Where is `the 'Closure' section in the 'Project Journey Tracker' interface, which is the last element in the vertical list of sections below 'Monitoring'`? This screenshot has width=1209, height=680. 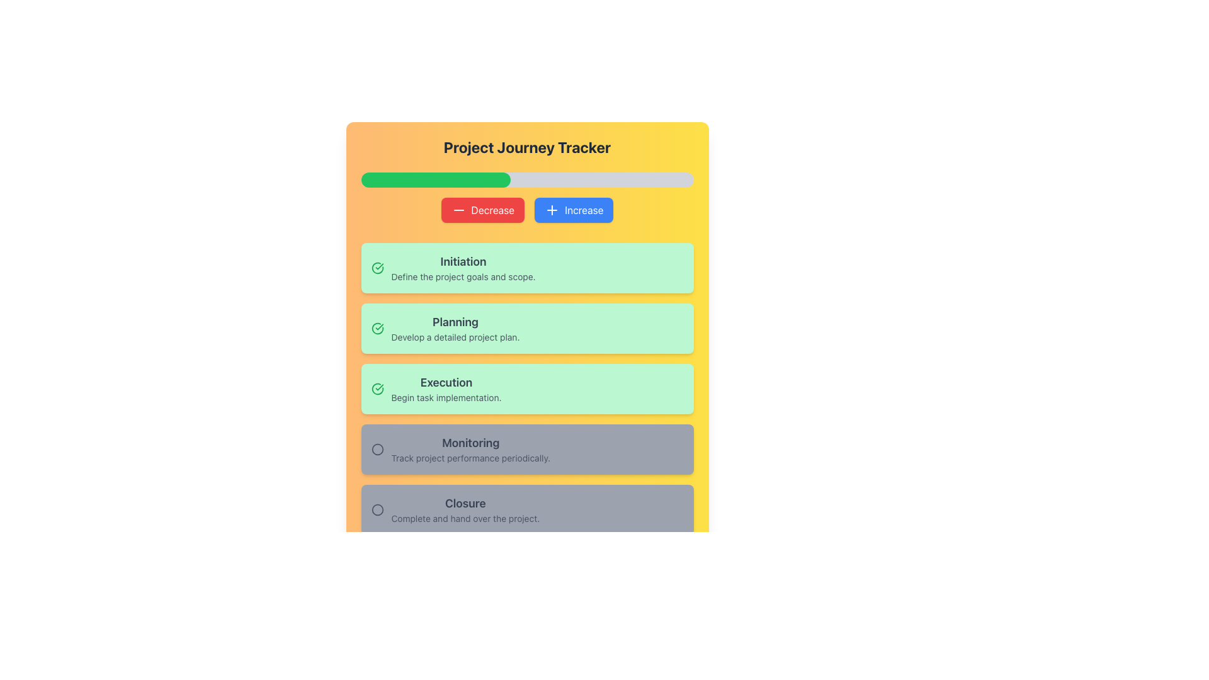
the 'Closure' section in the 'Project Journey Tracker' interface, which is the last element in the vertical list of sections below 'Monitoring' is located at coordinates (465, 510).